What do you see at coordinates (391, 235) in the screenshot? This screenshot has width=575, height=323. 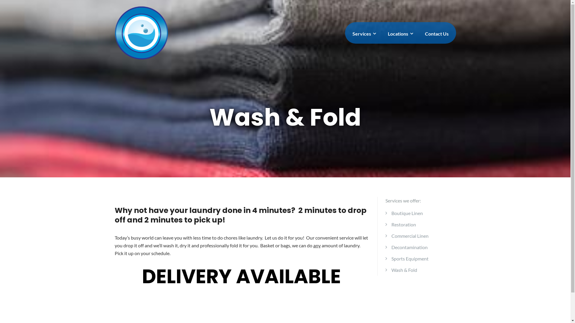 I see `'Commercial Linen'` at bounding box center [391, 235].